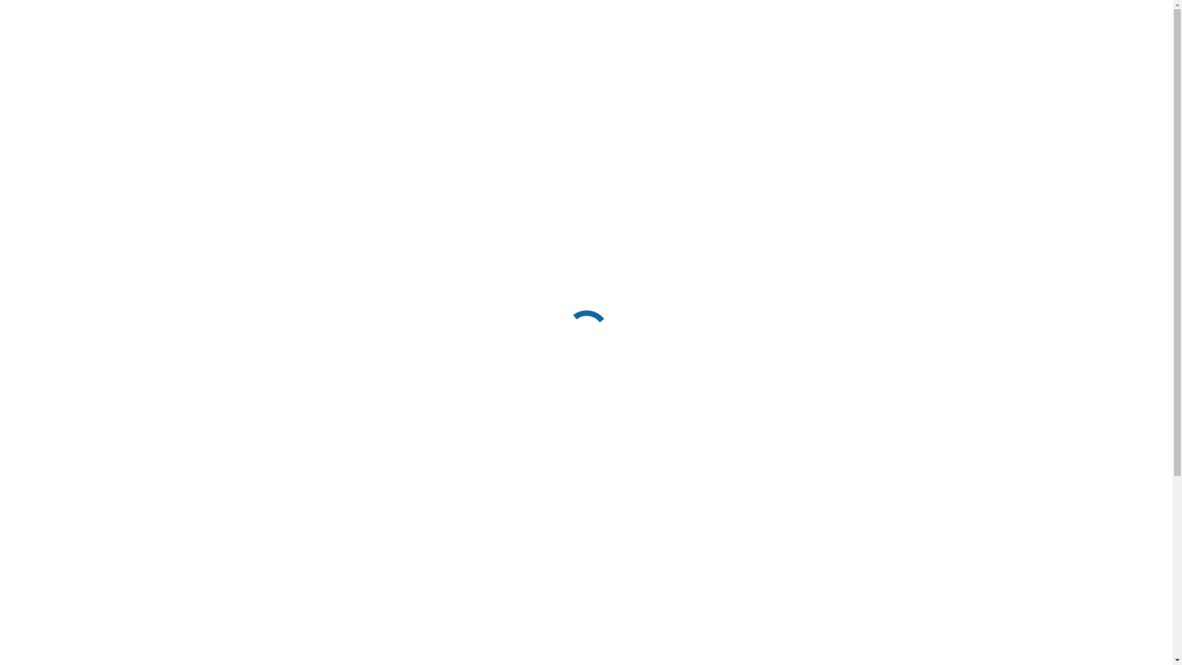 This screenshot has height=665, width=1182. What do you see at coordinates (907, 51) in the screenshot?
I see `'Contact'` at bounding box center [907, 51].